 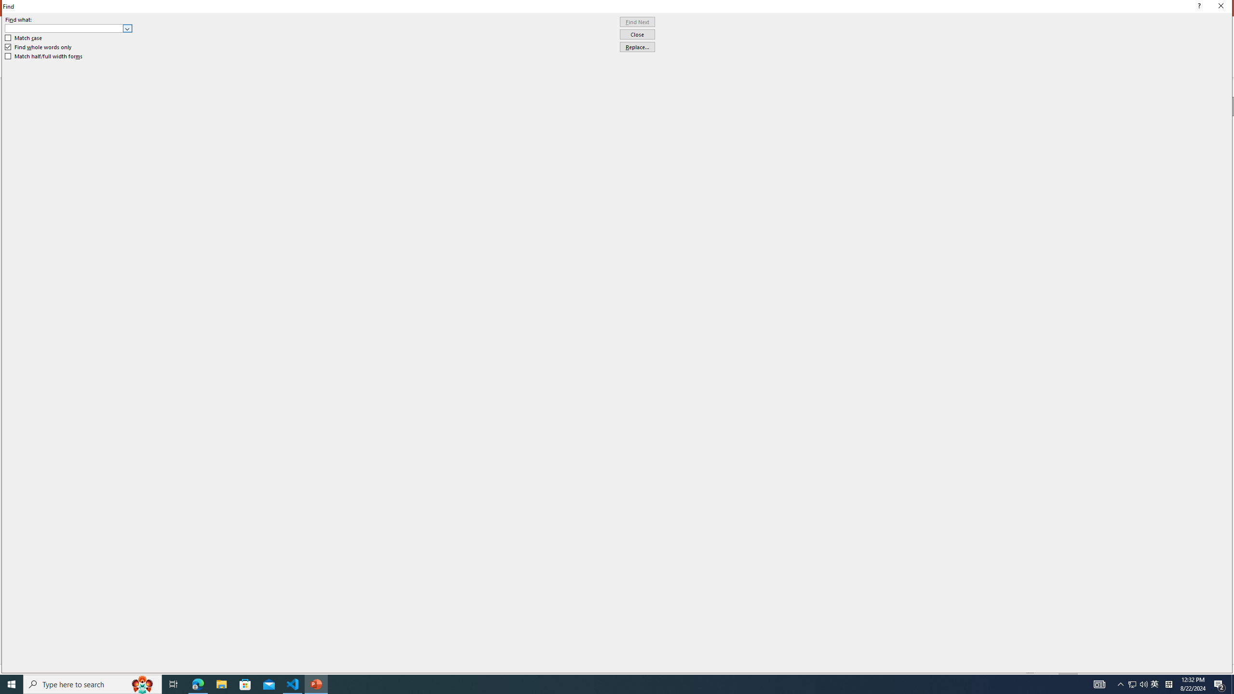 What do you see at coordinates (44, 56) in the screenshot?
I see `'Match half/full width forms'` at bounding box center [44, 56].